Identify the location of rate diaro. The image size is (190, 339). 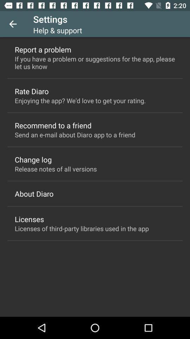
(31, 91).